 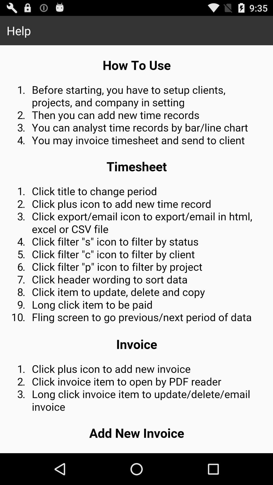 I want to click on read the instructions page, so click(x=136, y=249).